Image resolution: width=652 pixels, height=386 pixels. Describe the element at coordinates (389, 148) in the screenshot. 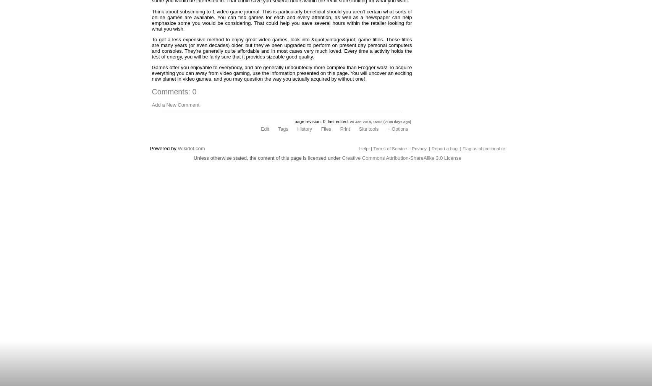

I see `'Terms of Service'` at that location.